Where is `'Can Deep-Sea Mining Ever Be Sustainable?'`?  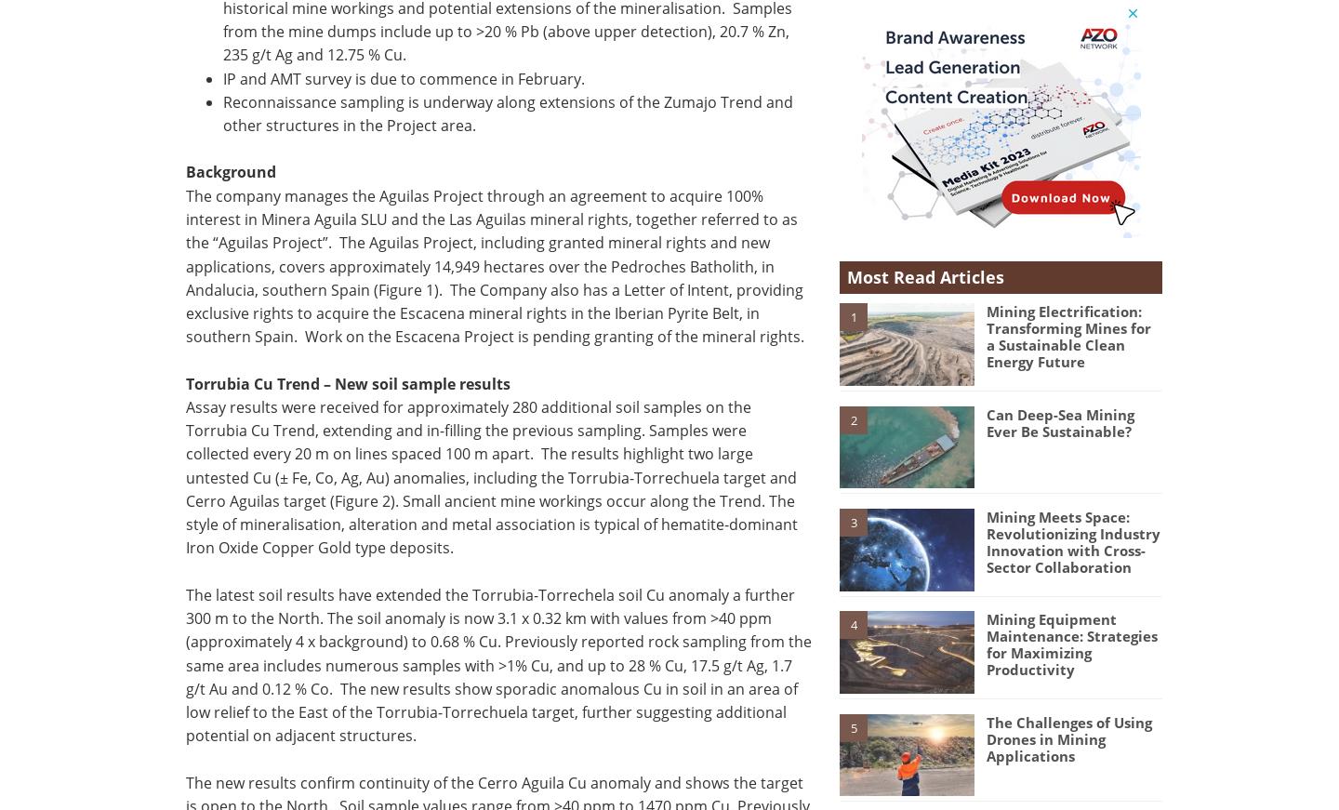 'Can Deep-Sea Mining Ever Be Sustainable?' is located at coordinates (1058, 421).